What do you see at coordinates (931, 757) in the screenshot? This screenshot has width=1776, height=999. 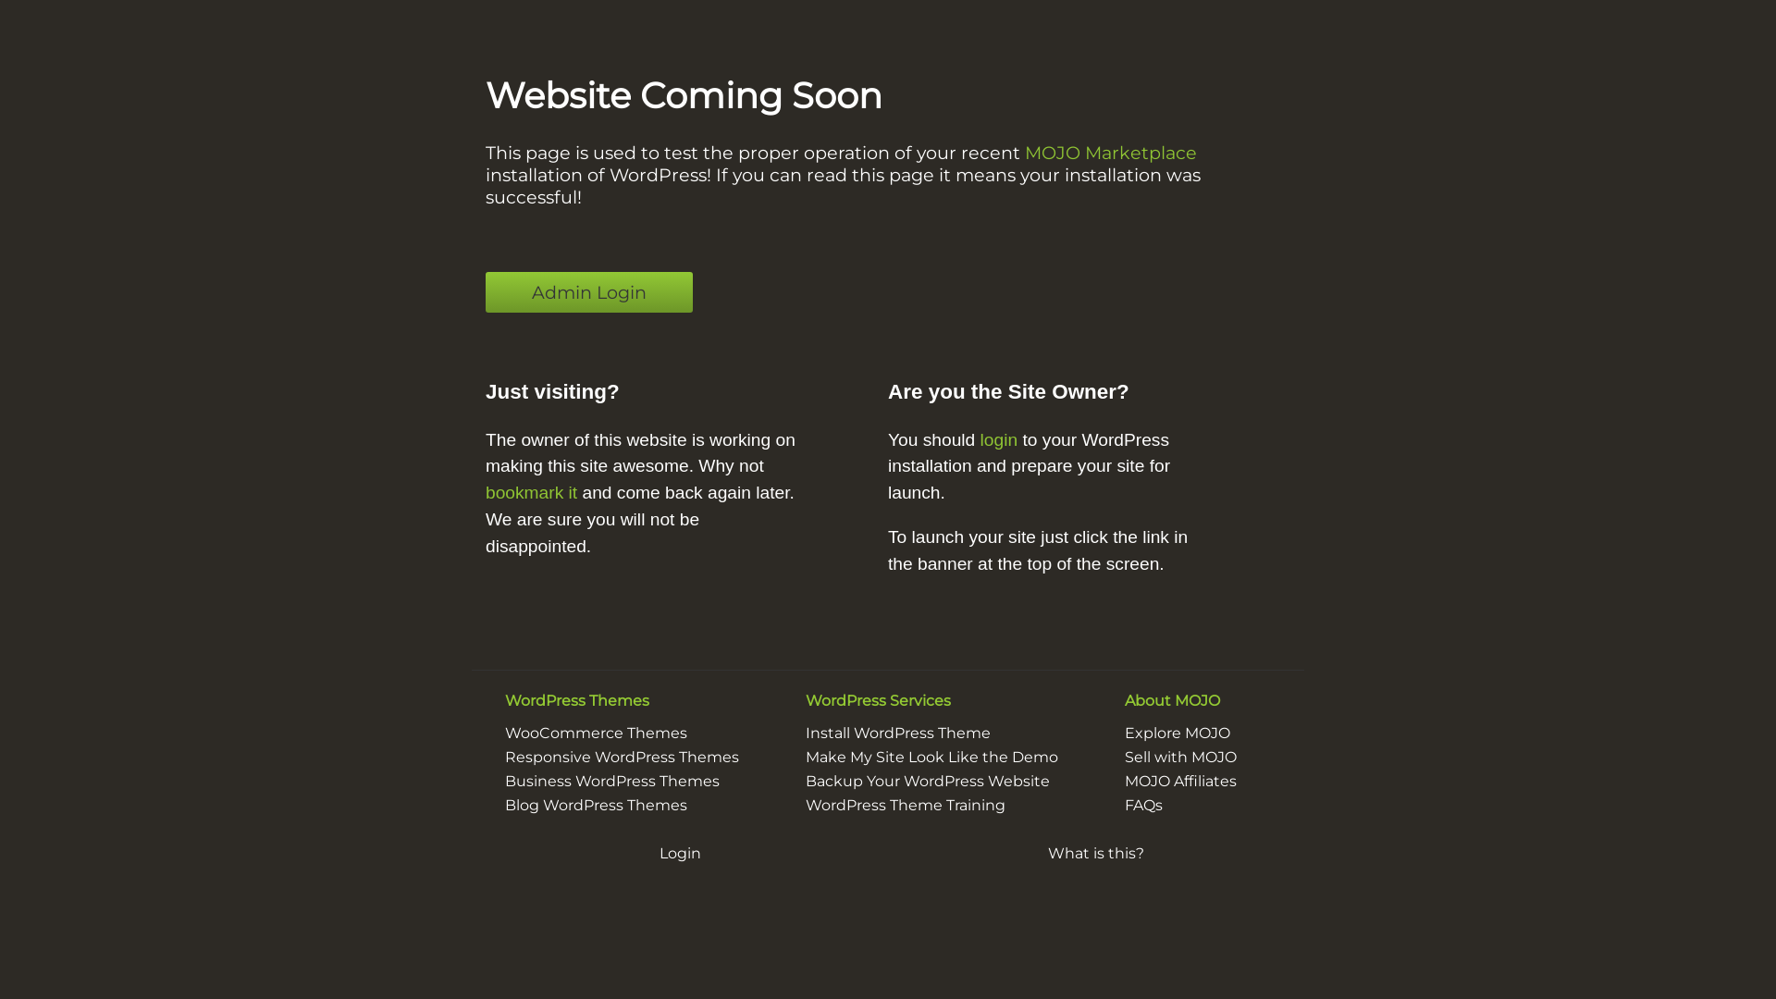 I see `'Make My Site Look Like the Demo'` at bounding box center [931, 757].